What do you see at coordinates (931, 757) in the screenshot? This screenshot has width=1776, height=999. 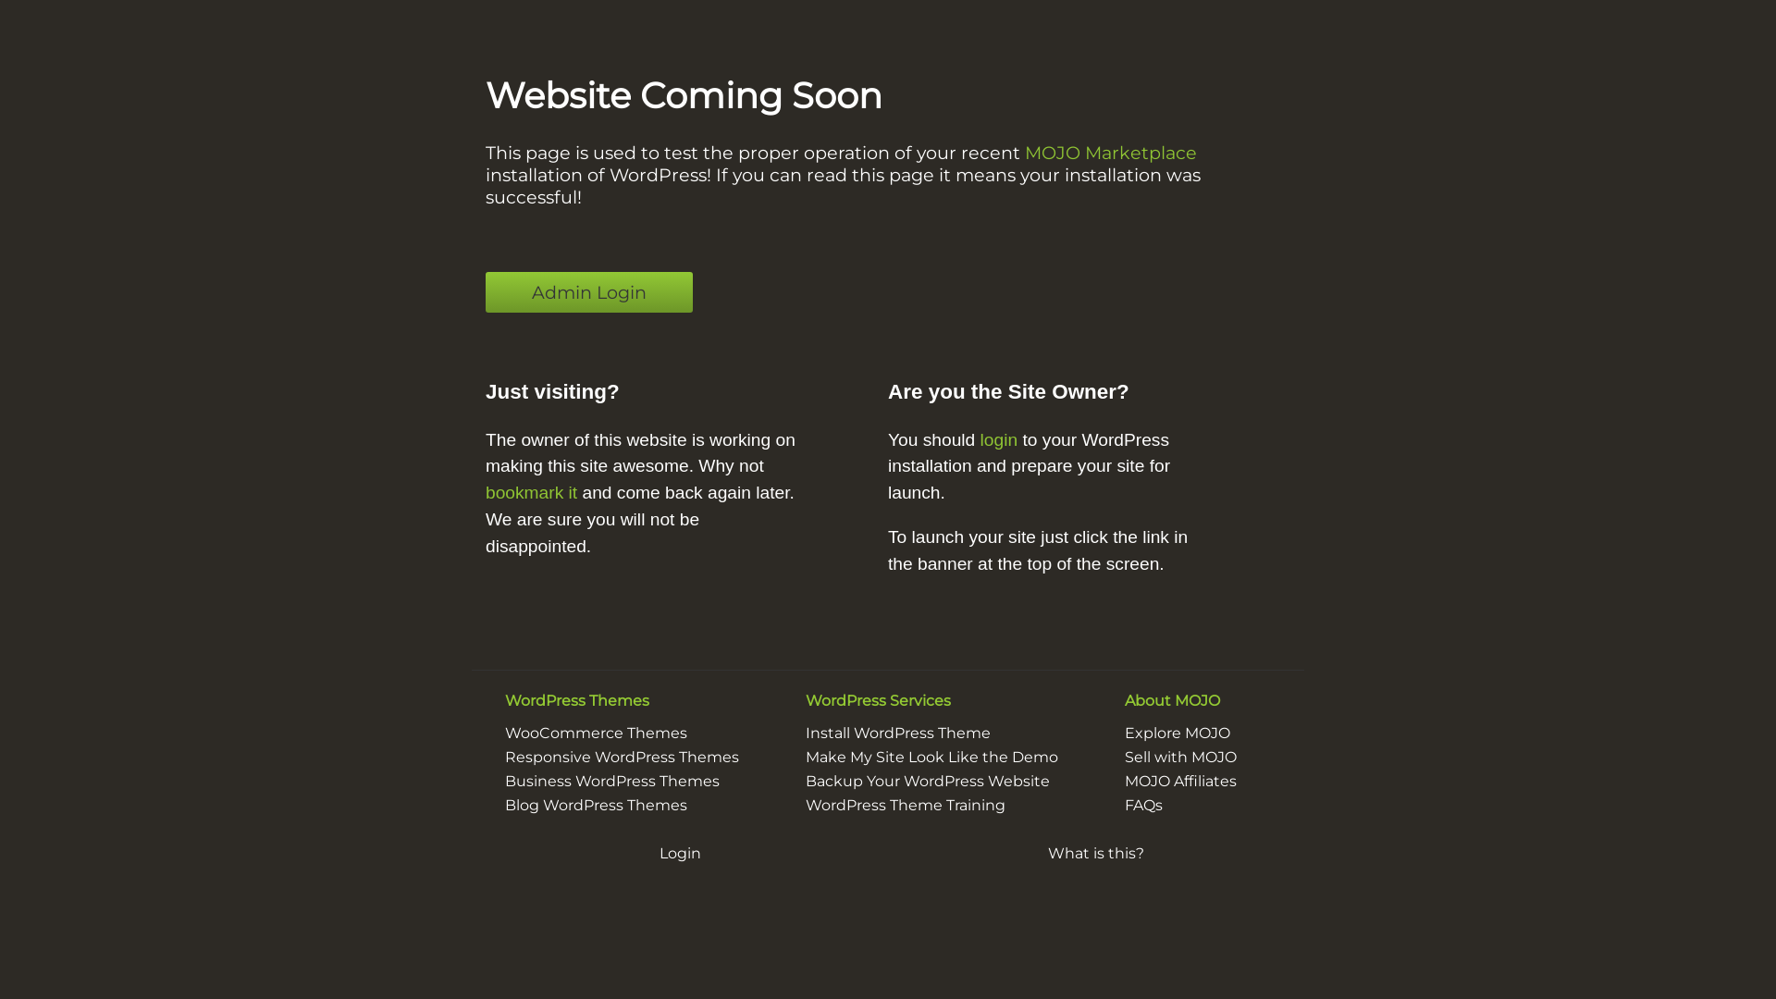 I see `'Make My Site Look Like the Demo'` at bounding box center [931, 757].